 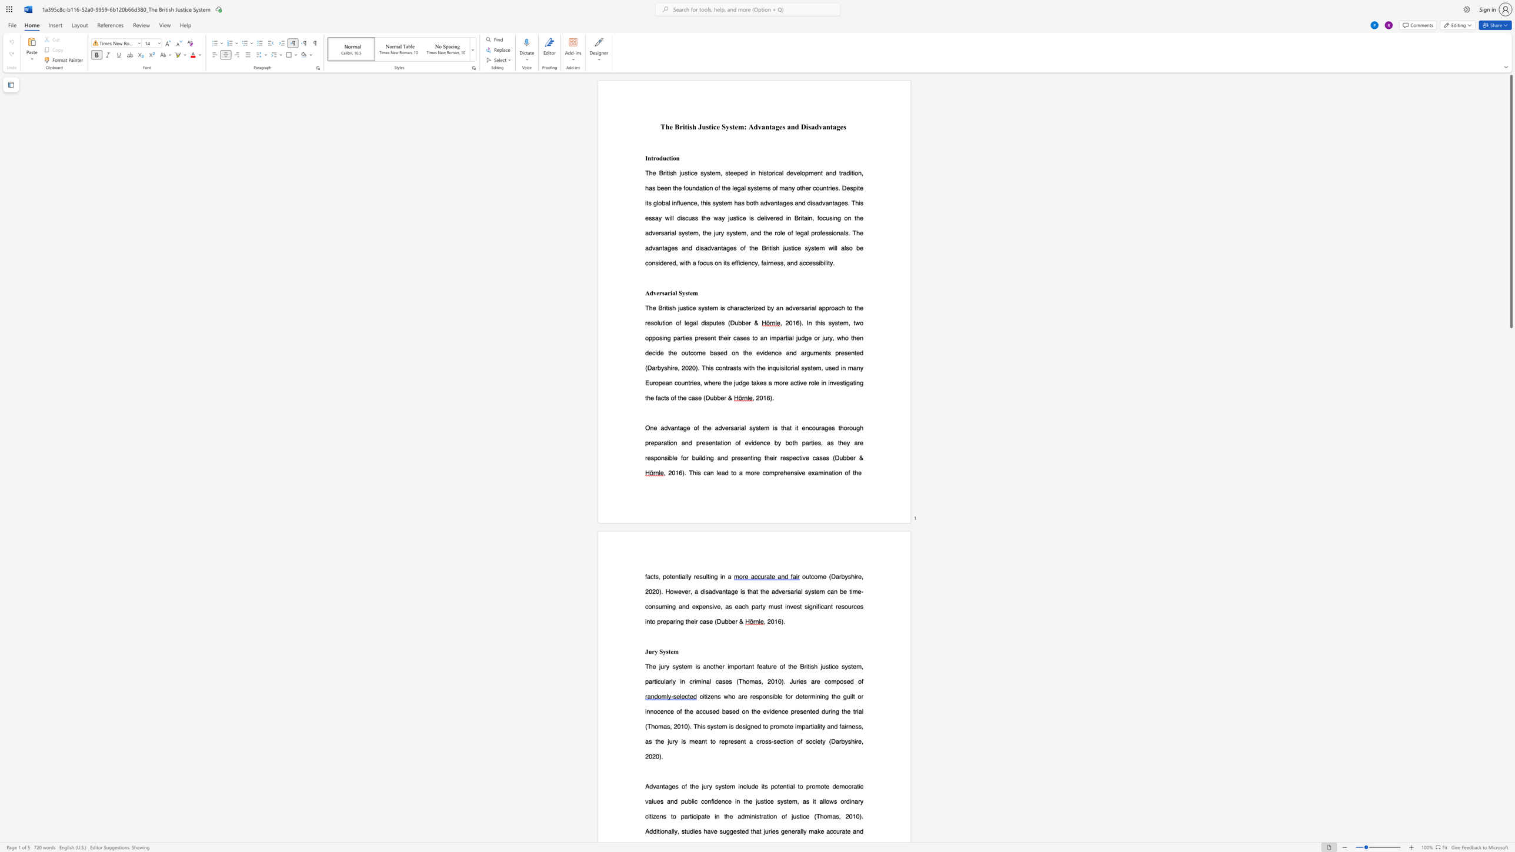 What do you see at coordinates (686, 576) in the screenshot?
I see `the subset text "ly resulti" within the text "facts, potentially resulting in a"` at bounding box center [686, 576].